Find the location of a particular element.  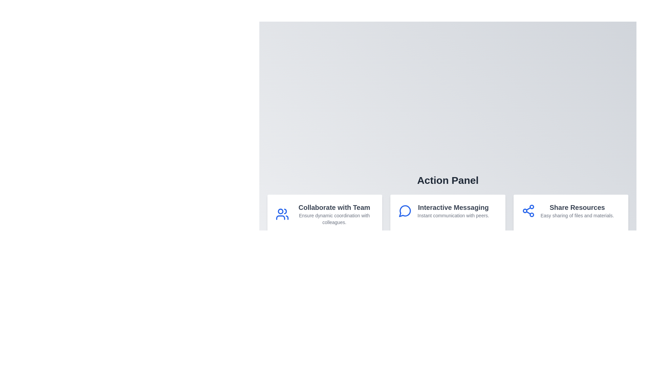

the static text element stating 'Easy sharing of files and materials.' located near the bottom-right corner of the interface is located at coordinates (577, 215).